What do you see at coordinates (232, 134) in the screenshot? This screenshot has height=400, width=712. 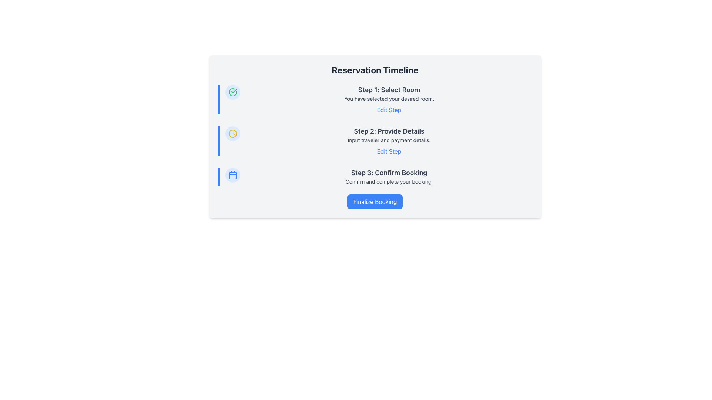 I see `the Step 2 progress indicator icon` at bounding box center [232, 134].